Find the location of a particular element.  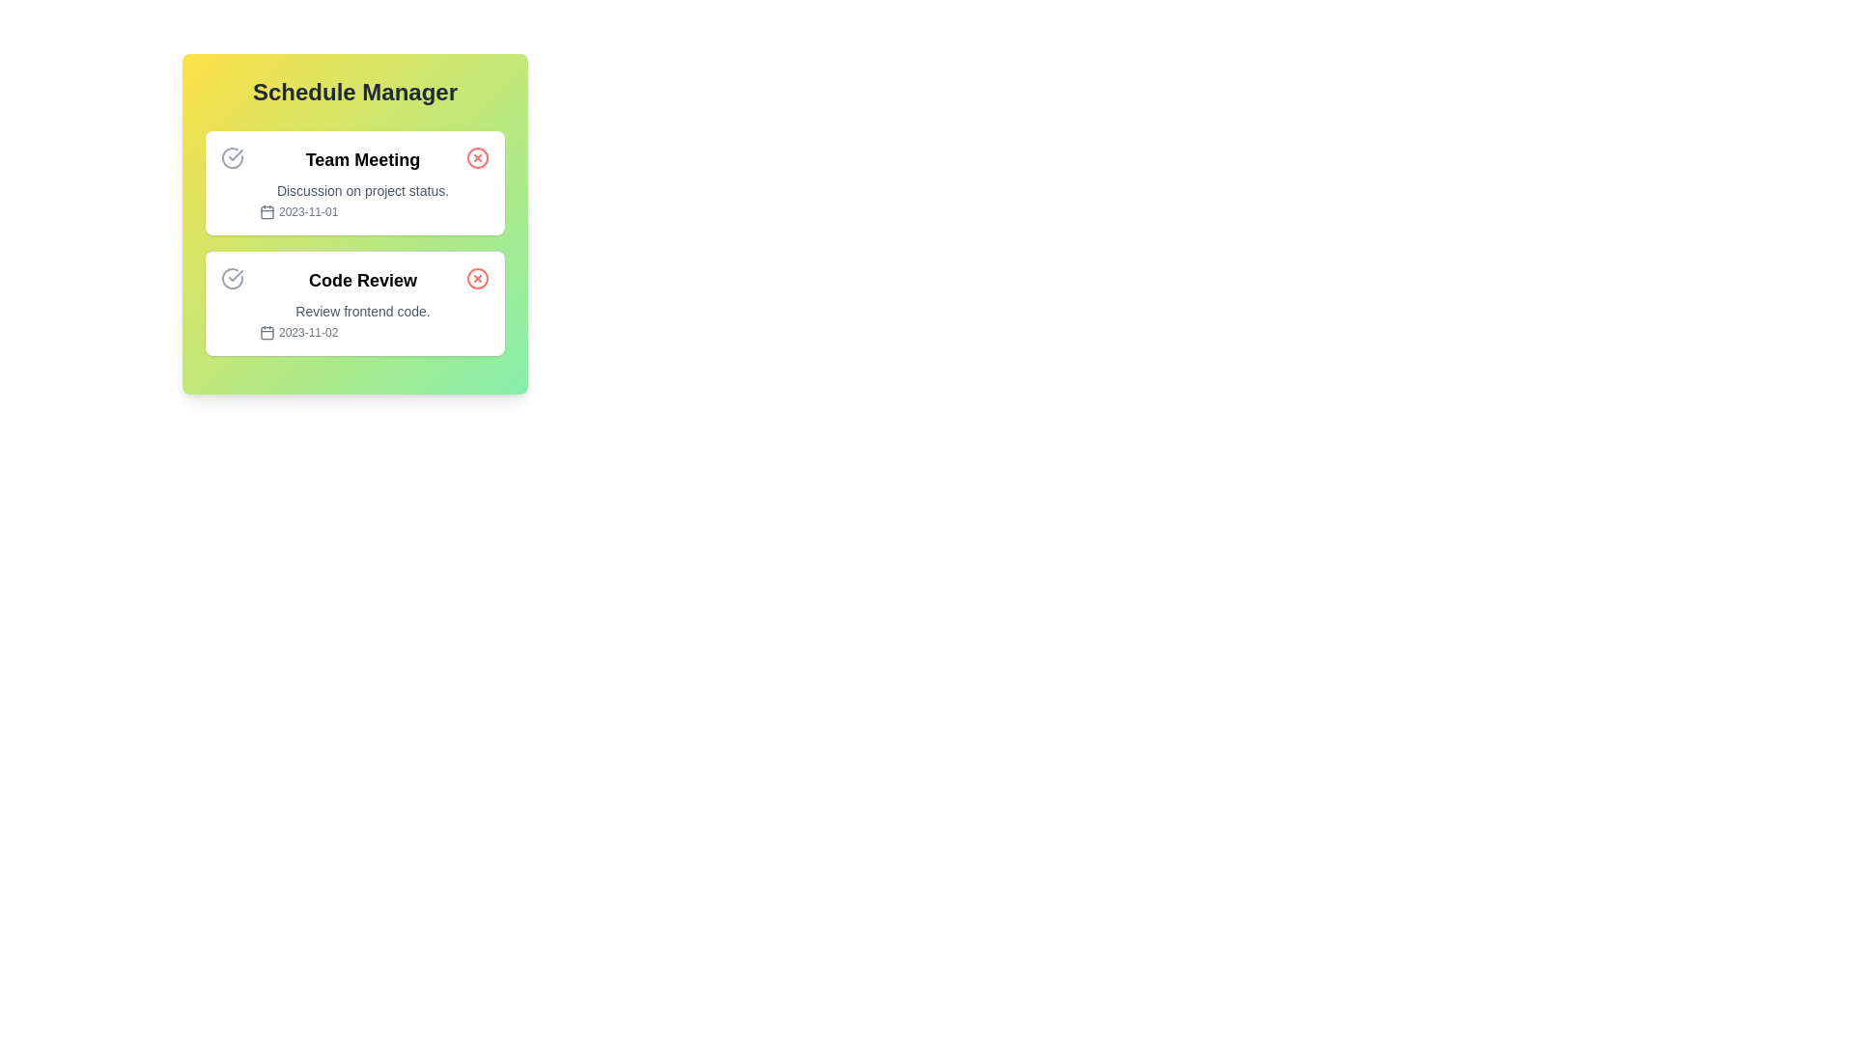

the deletion button located at the top-right corner of the 'Code Review' section in the 'Schedule Manager' to observe the hover effect is located at coordinates (477, 279).